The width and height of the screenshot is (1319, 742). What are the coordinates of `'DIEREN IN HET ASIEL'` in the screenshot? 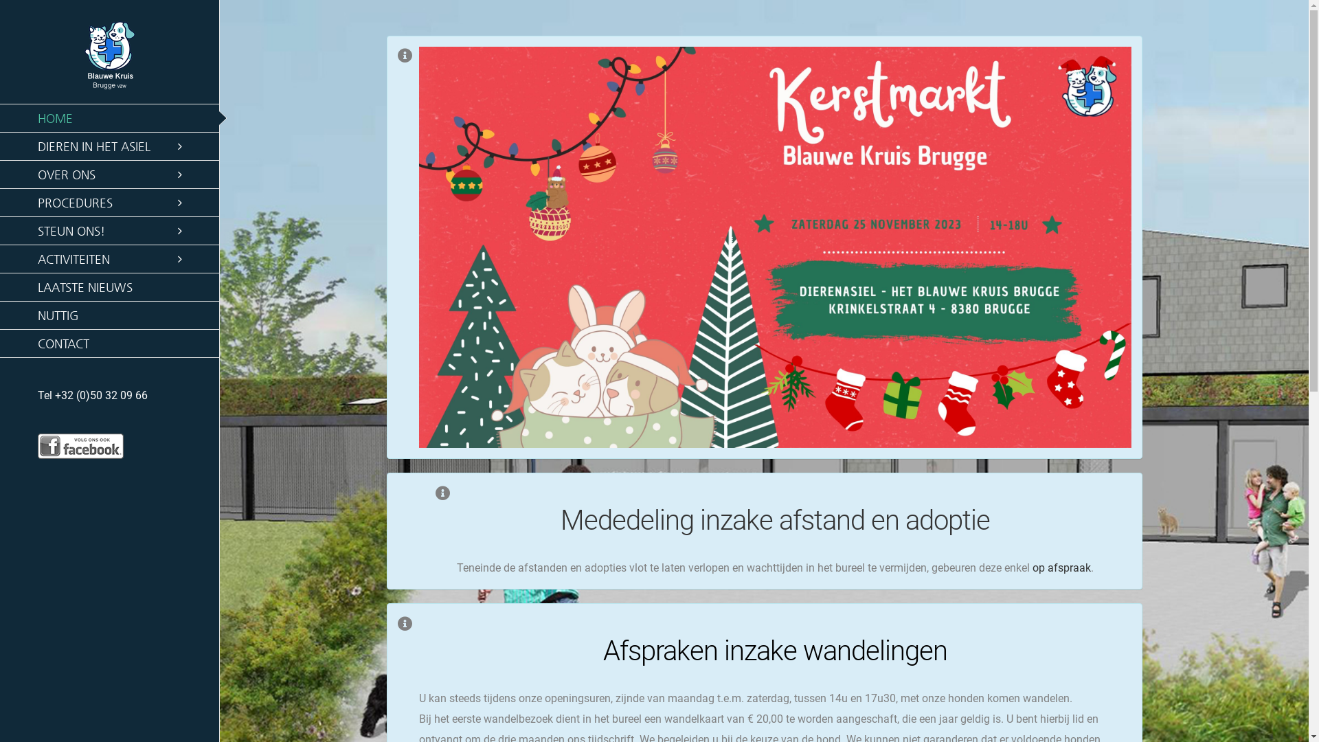 It's located at (109, 146).